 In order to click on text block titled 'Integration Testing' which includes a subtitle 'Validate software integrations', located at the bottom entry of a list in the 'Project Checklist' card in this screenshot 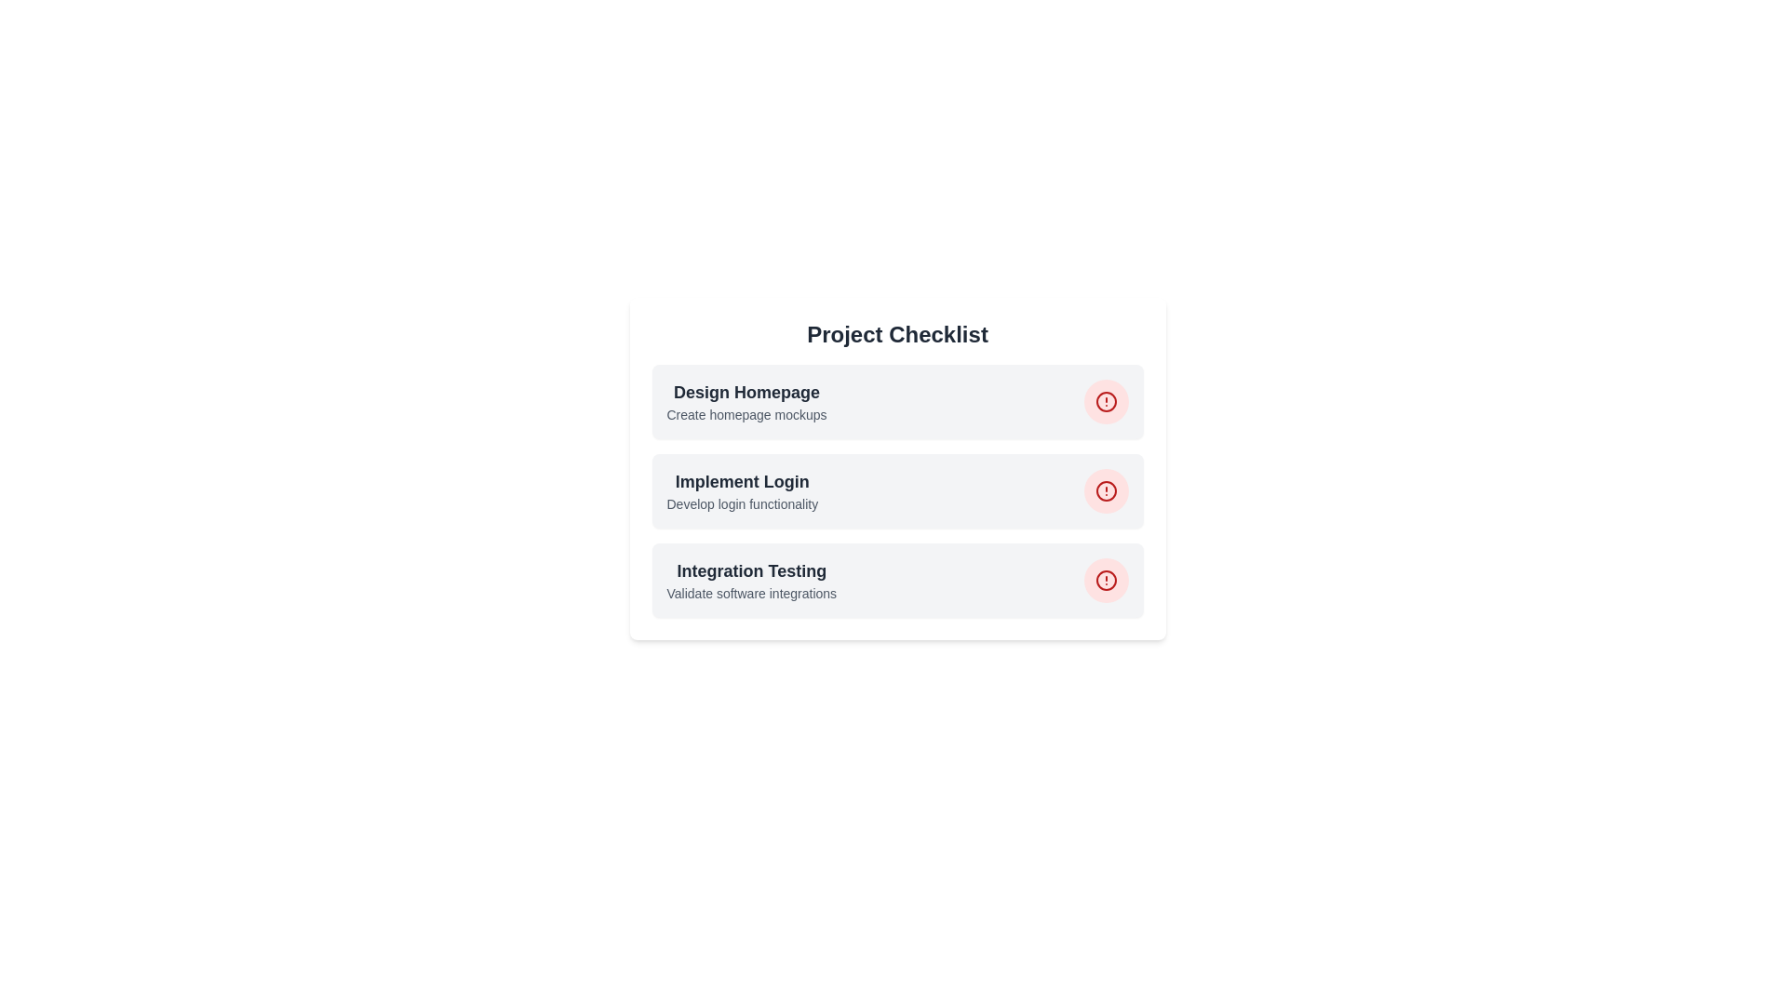, I will do `click(751, 580)`.